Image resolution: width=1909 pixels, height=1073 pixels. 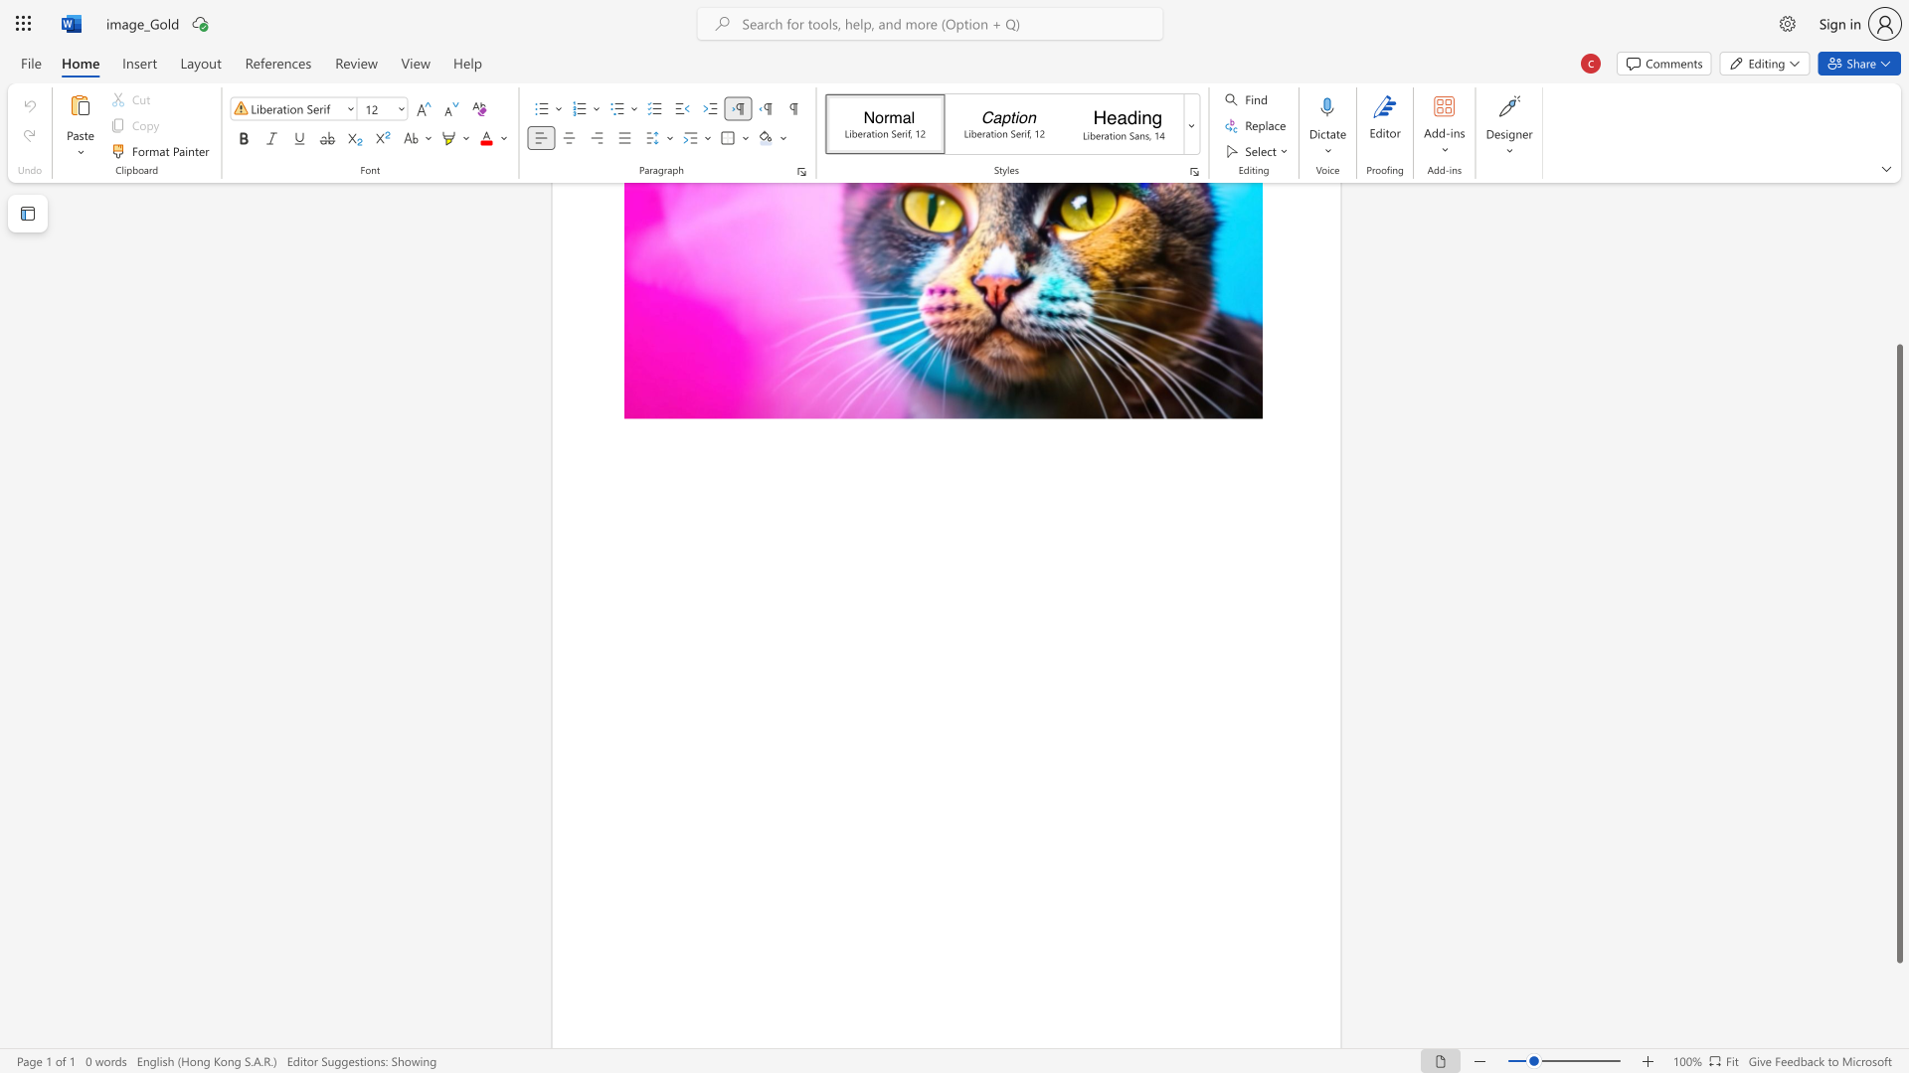 I want to click on the scrollbar to scroll upward, so click(x=1898, y=307).